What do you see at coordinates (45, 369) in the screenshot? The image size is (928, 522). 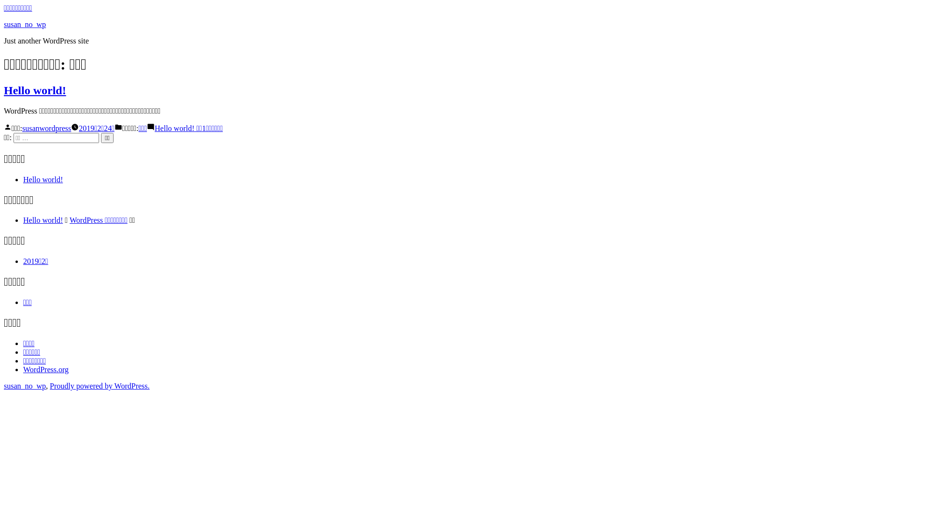 I see `'WordPress.org'` at bounding box center [45, 369].